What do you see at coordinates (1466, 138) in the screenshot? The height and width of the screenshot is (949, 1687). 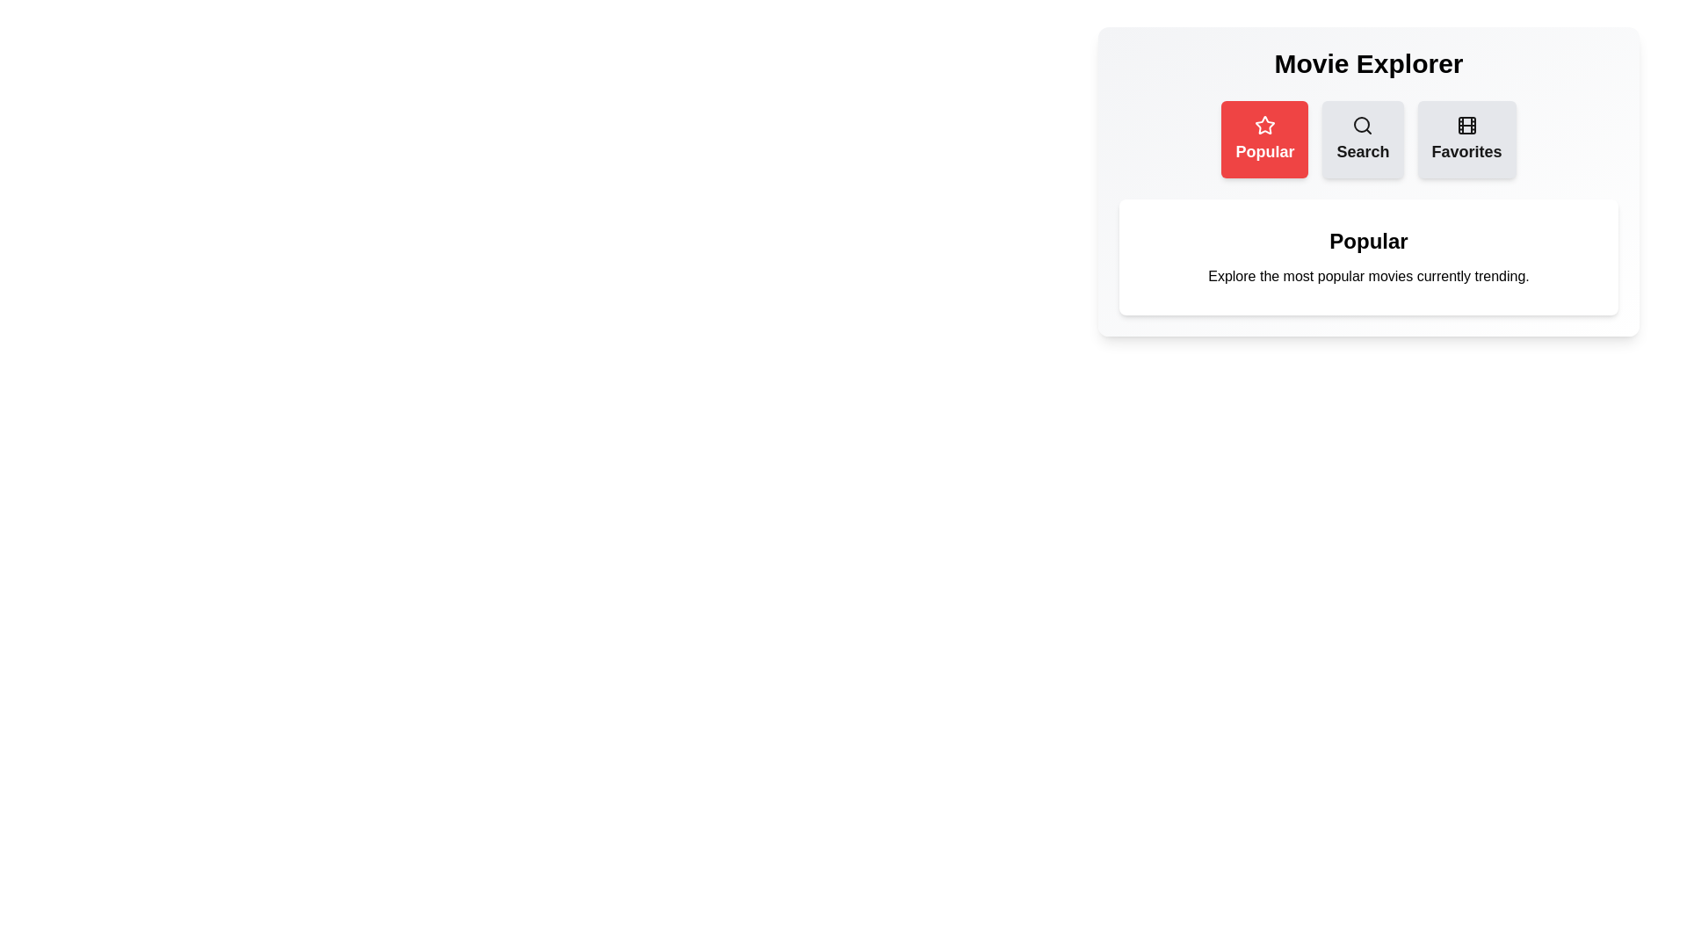 I see `the Favorites tab by clicking on its button` at bounding box center [1466, 138].